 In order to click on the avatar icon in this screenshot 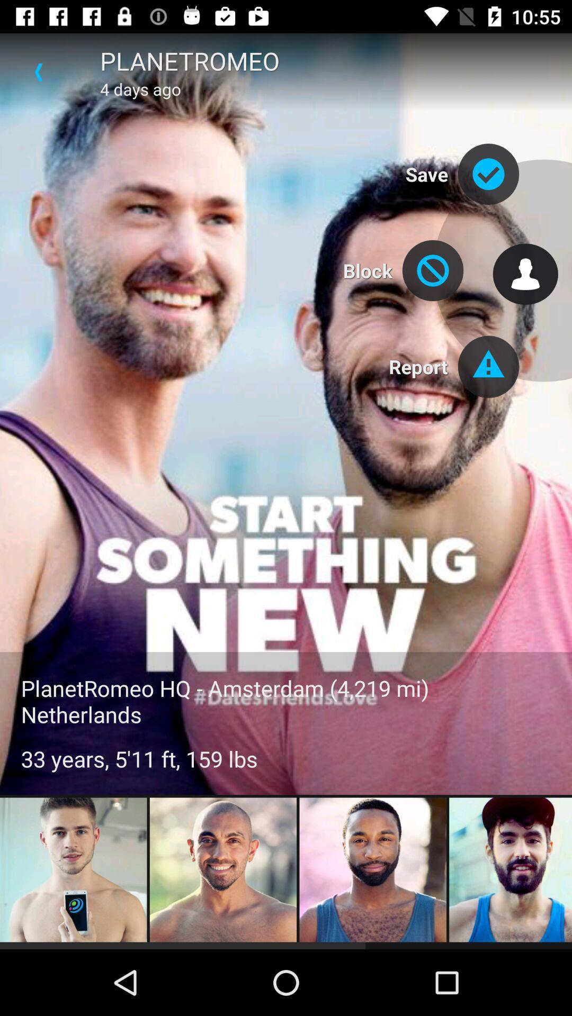, I will do `click(525, 274)`.